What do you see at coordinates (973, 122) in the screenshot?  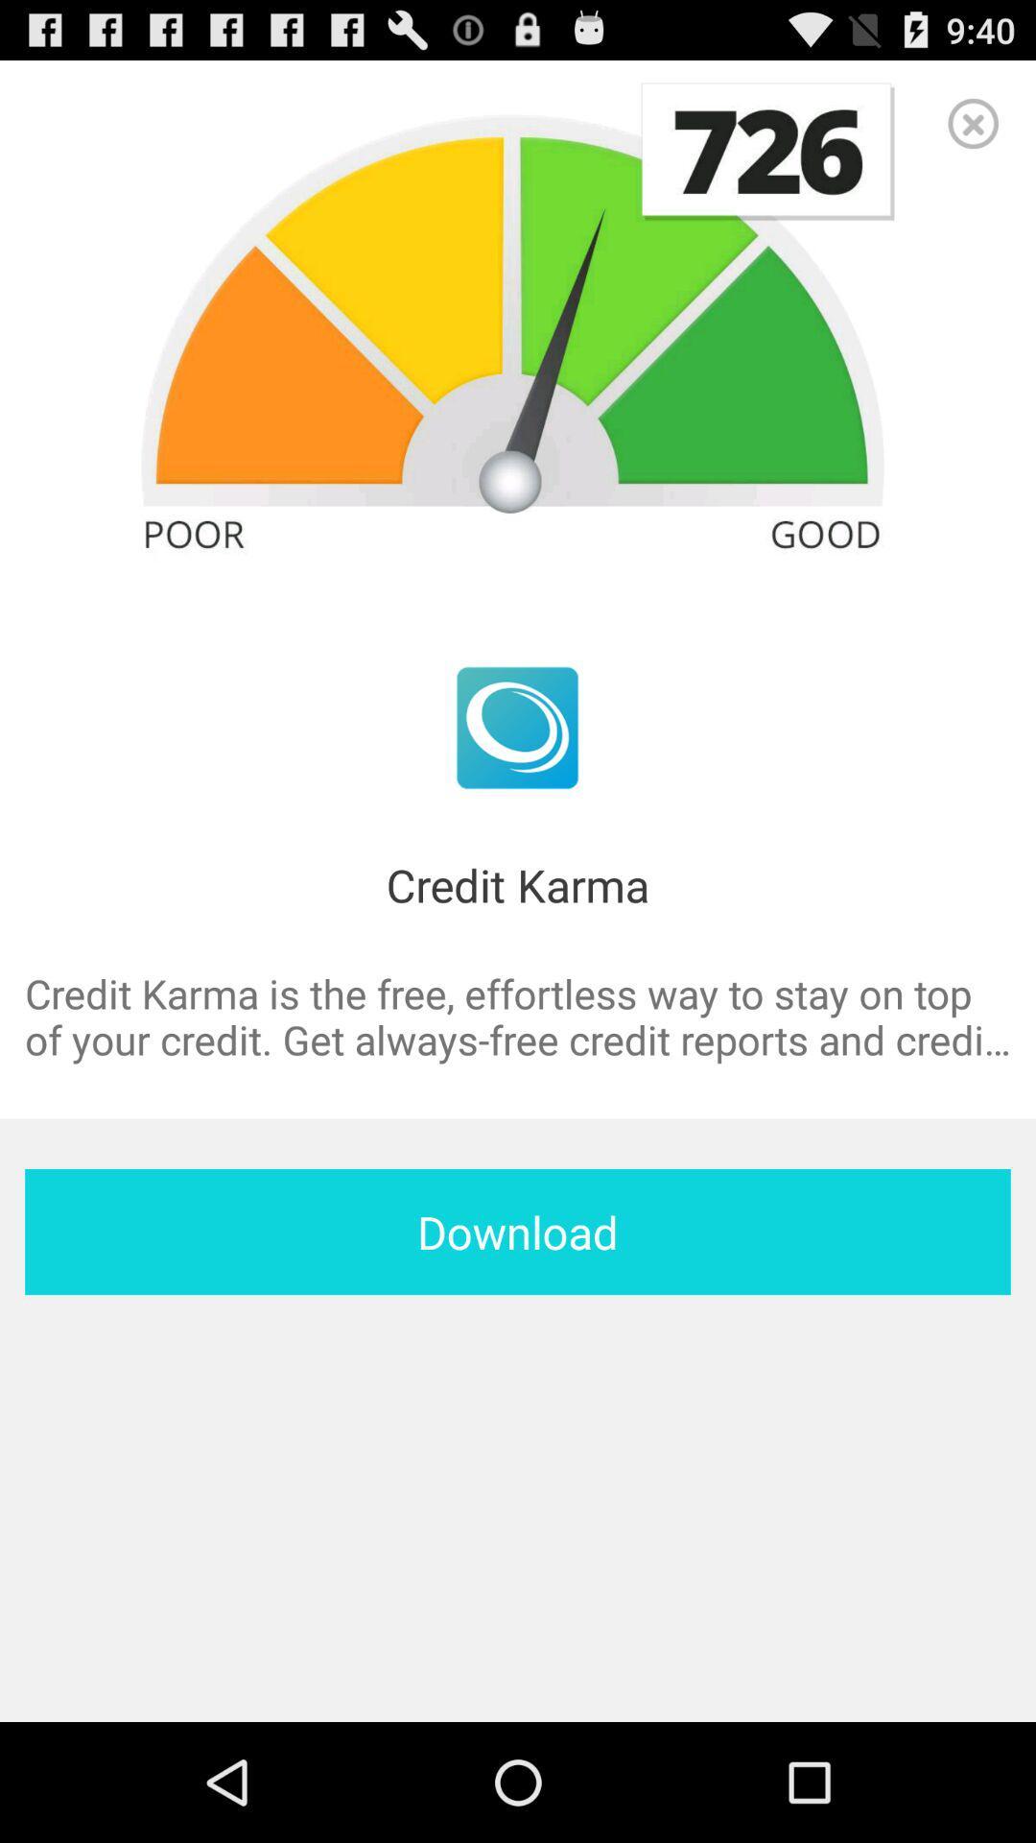 I see `item at the top right corner` at bounding box center [973, 122].